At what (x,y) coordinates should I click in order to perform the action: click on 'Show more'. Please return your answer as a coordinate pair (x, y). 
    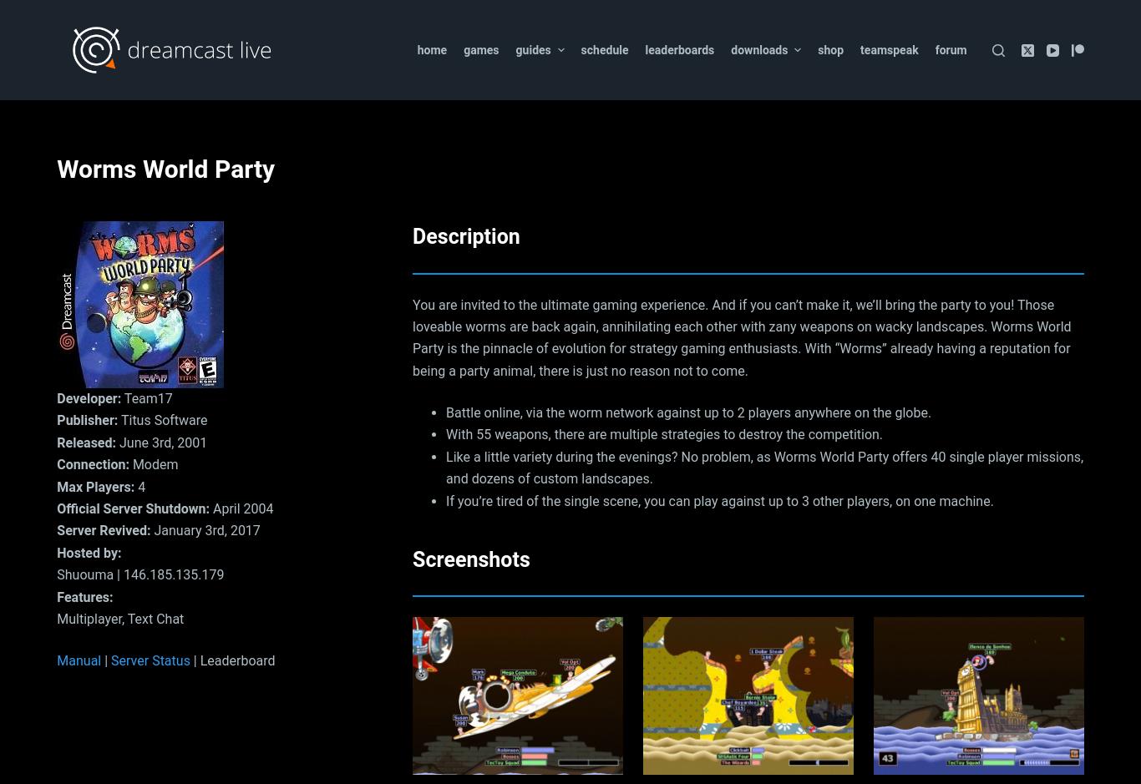
    Looking at the image, I should click on (744, 745).